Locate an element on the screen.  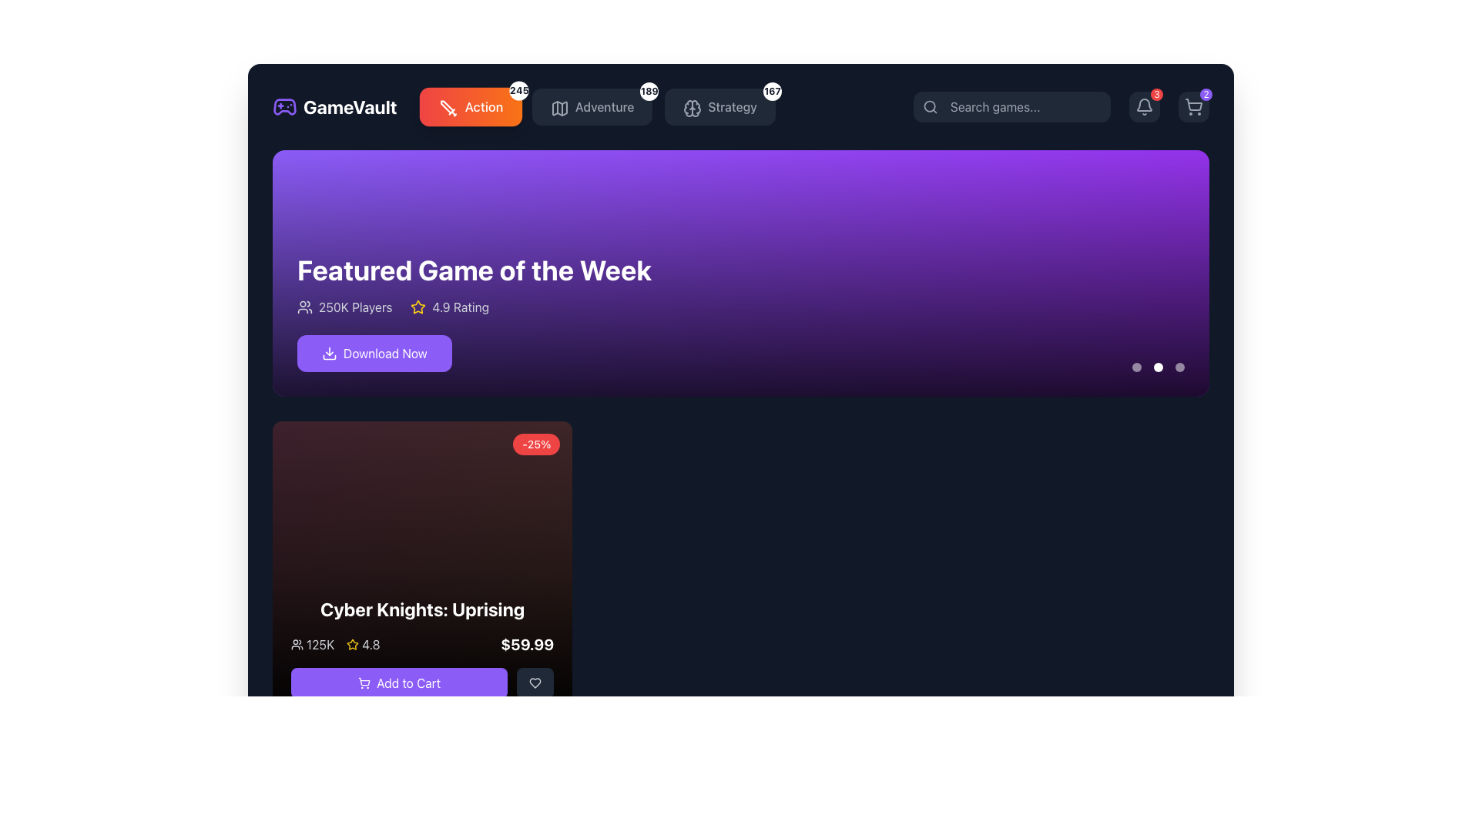
the 'Download Now' button, which is a rectangular button with white text and a violet background located beneath the 'Featured Game of the Week' section is located at coordinates (374, 354).